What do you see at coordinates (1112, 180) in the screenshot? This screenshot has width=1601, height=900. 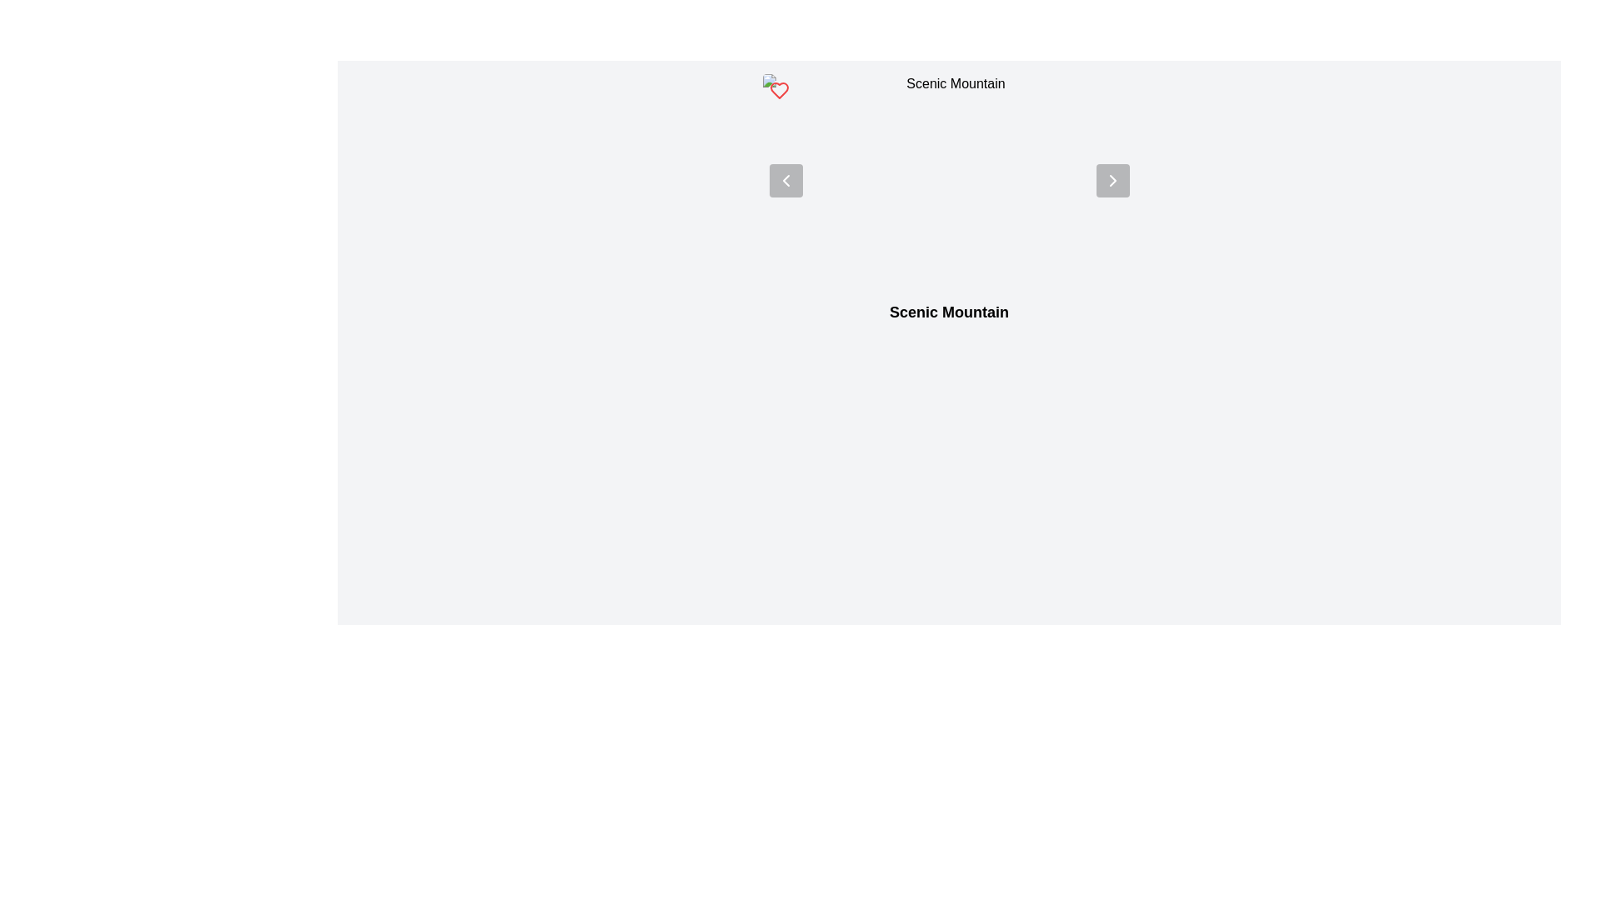 I see `the navigational icon` at bounding box center [1112, 180].